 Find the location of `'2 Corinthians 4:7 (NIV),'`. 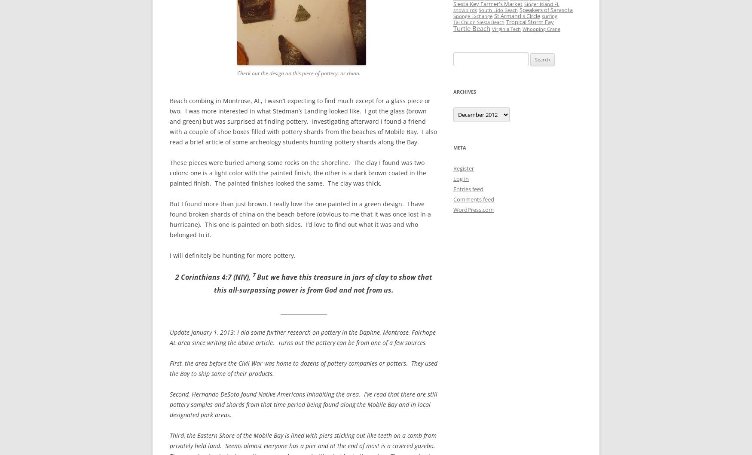

'2 Corinthians 4:7 (NIV),' is located at coordinates (214, 277).